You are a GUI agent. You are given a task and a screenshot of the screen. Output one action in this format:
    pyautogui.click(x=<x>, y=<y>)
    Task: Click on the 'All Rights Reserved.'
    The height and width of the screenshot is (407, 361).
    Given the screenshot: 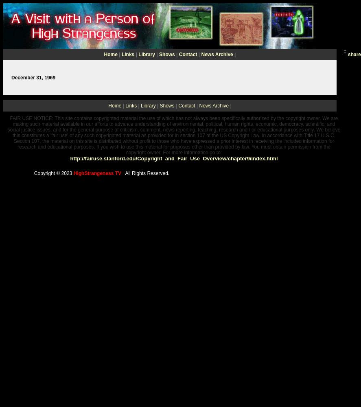 What is the action you would take?
    pyautogui.click(x=121, y=173)
    